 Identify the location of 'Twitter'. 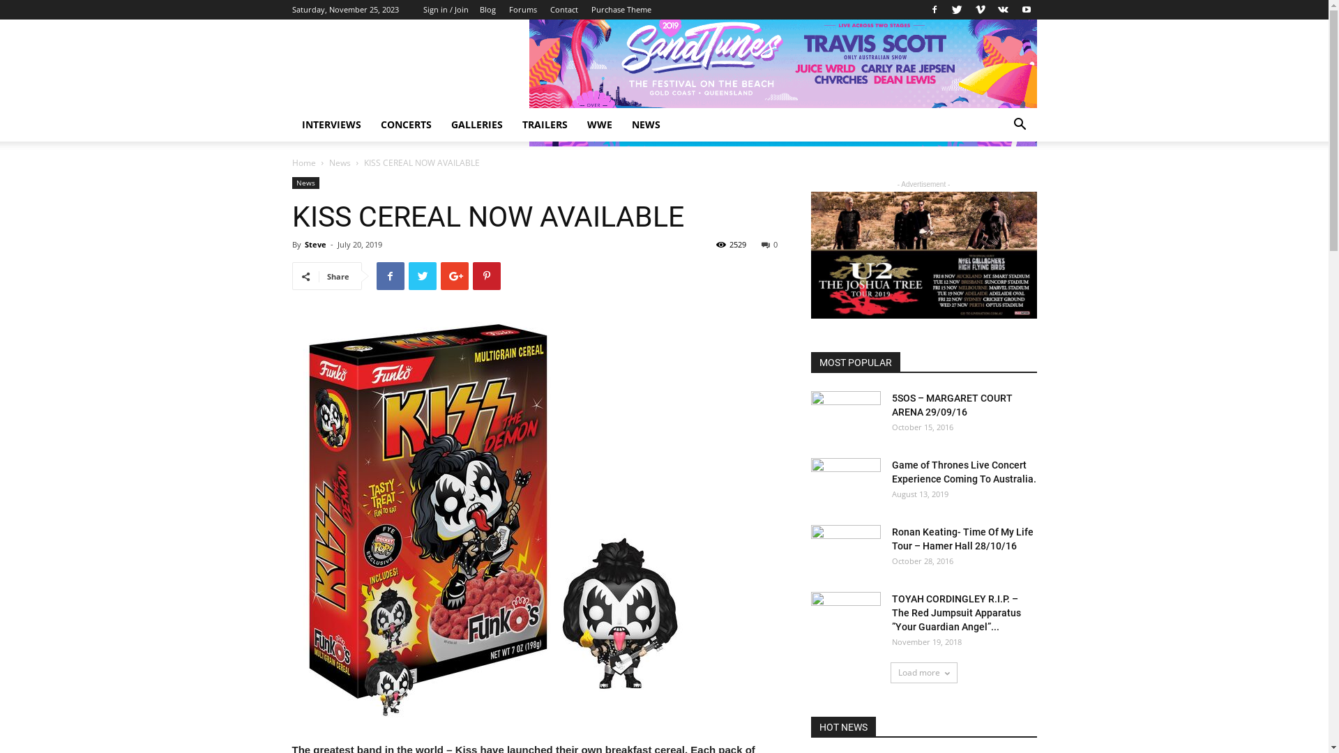
(947, 10).